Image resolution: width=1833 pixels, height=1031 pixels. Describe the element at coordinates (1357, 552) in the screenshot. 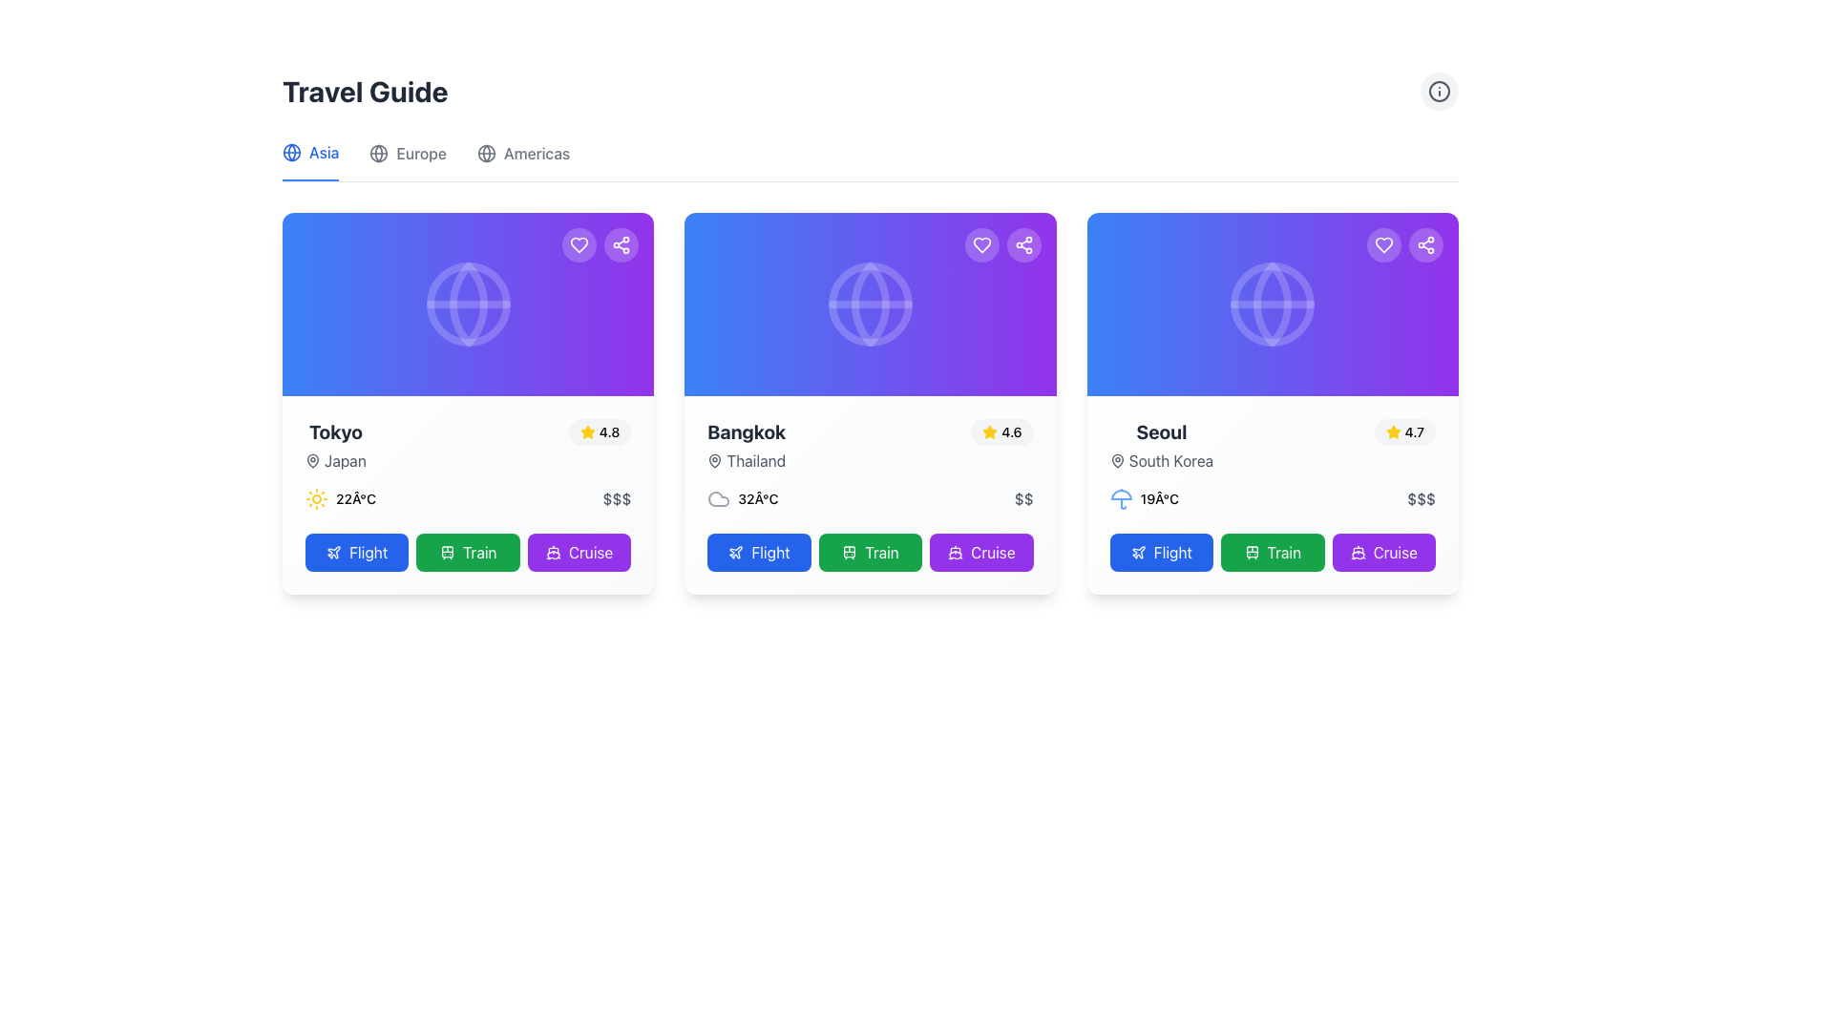

I see `the minimalistic purple ship icon located in the third card ('Seoul') in the 'Cruise' button section, just left of the text 'Cruise'` at that location.